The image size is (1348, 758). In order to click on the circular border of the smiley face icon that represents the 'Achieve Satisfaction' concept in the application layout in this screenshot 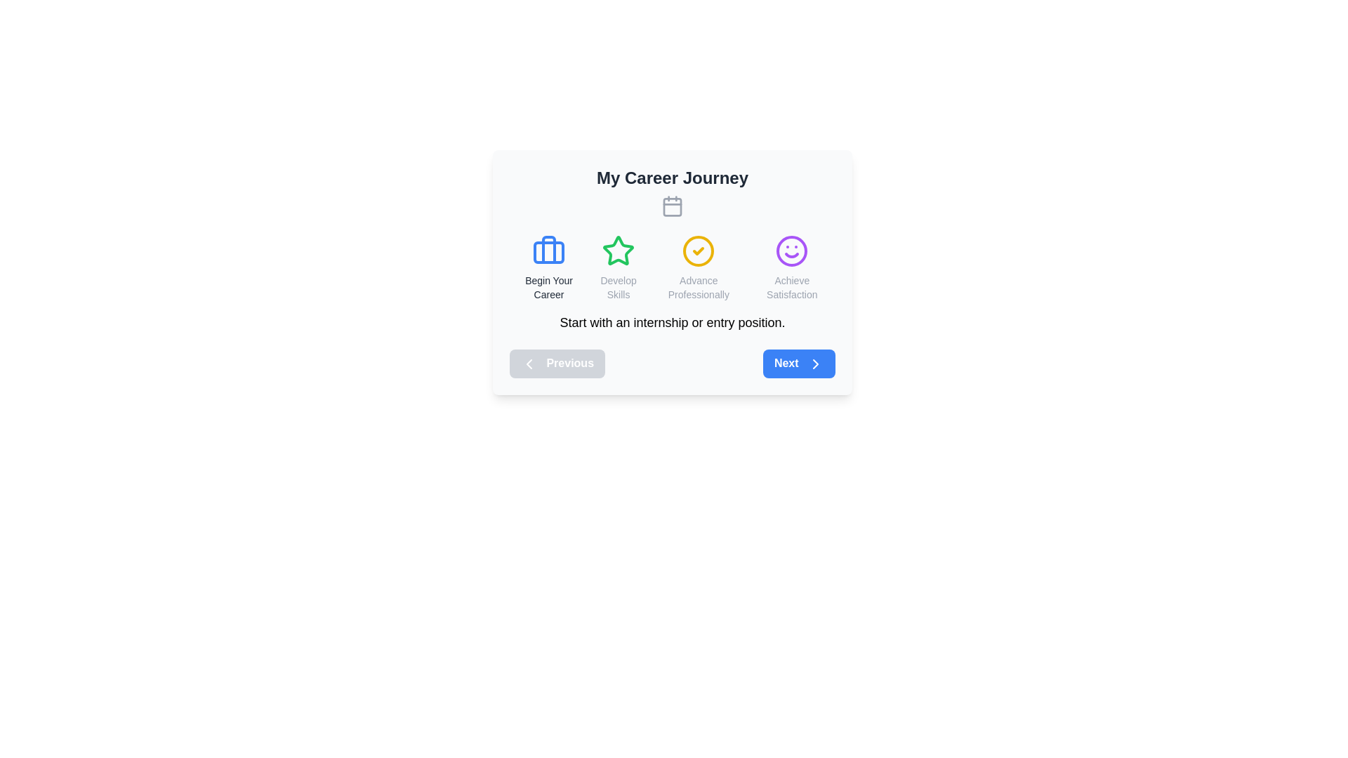, I will do `click(792, 251)`.